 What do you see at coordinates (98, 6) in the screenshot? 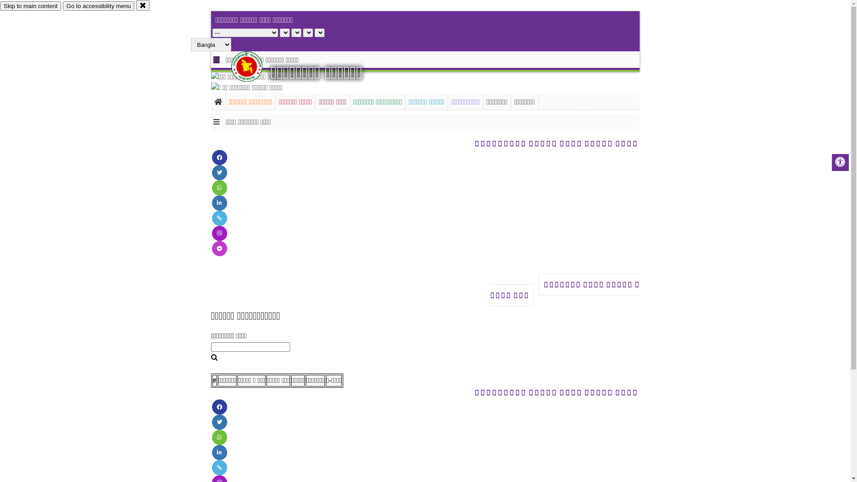
I see `'Go to accessibility menu'` at bounding box center [98, 6].